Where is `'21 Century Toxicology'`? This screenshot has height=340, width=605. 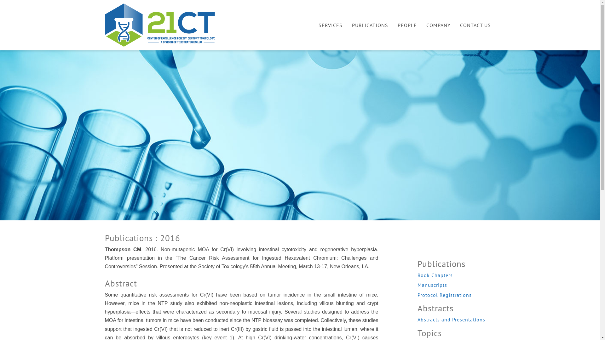
'21 Century Toxicology' is located at coordinates (161, 24).